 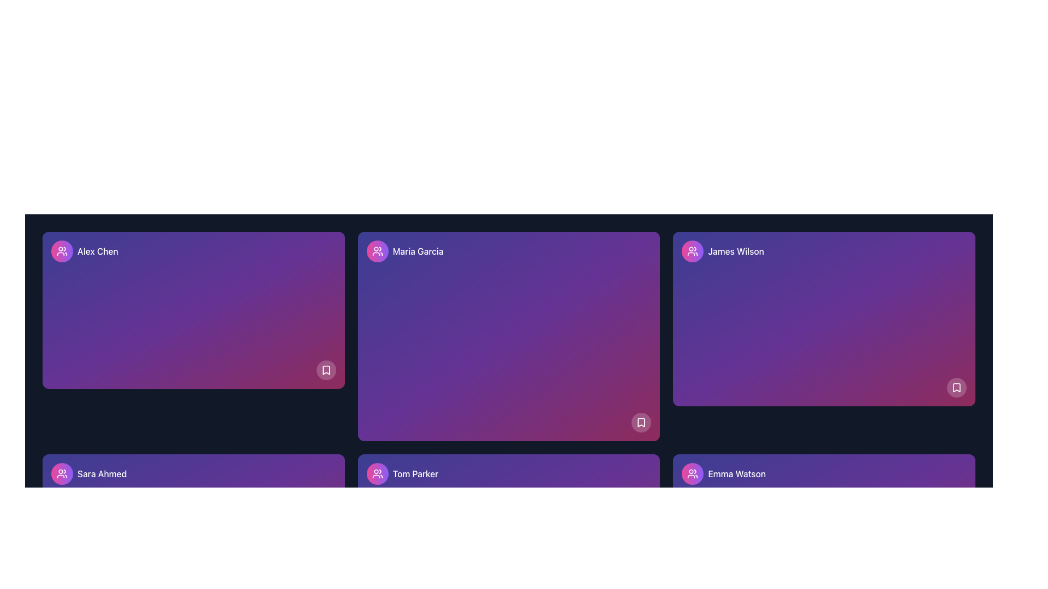 What do you see at coordinates (325, 369) in the screenshot?
I see `the bookmark button located` at bounding box center [325, 369].